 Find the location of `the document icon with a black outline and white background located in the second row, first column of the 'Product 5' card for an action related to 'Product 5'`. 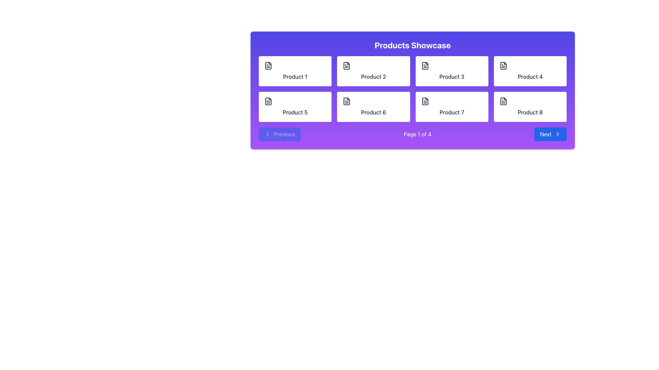

the document icon with a black outline and white background located in the second row, first column of the 'Product 5' card for an action related to 'Product 5' is located at coordinates (268, 101).